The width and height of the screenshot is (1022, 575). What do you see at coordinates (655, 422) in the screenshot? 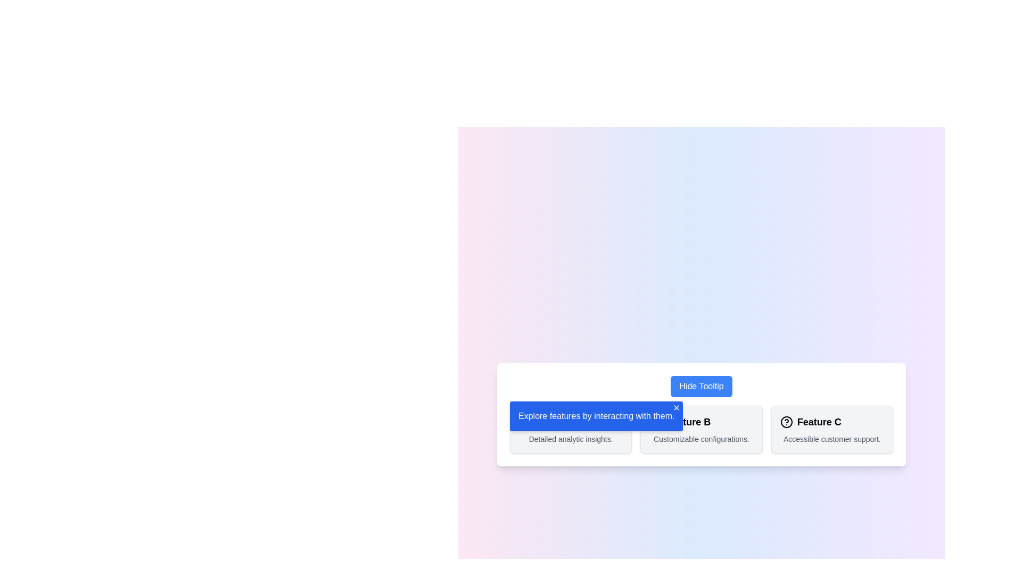
I see `the circular icon with a question mark symbol located to the left of the text 'Feature B' within the content area of the interface` at bounding box center [655, 422].